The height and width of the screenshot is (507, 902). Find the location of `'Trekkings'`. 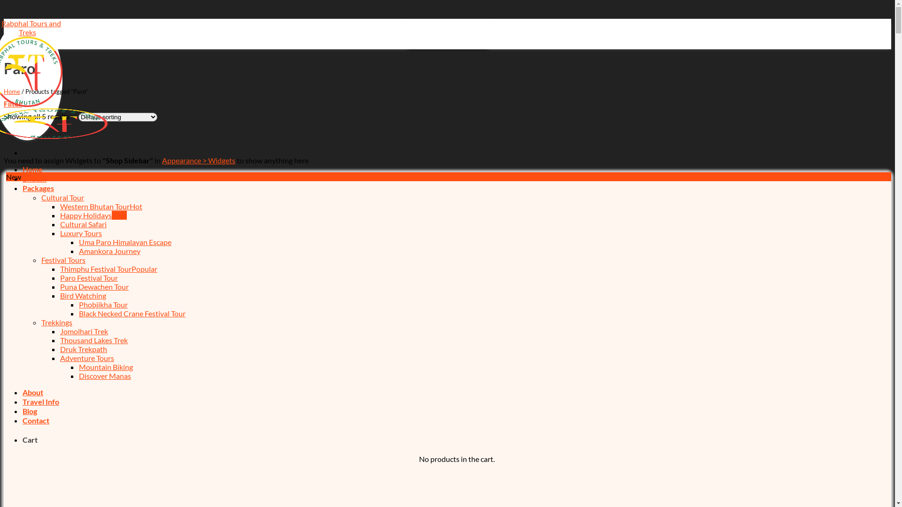

'Trekkings' is located at coordinates (56, 322).